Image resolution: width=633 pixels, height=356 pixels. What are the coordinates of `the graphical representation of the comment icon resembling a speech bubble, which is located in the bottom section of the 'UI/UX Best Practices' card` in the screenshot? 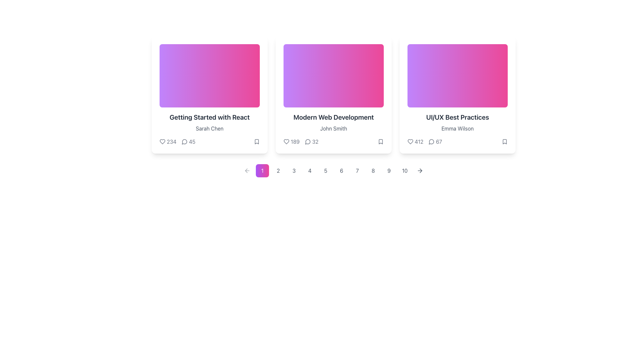 It's located at (431, 141).